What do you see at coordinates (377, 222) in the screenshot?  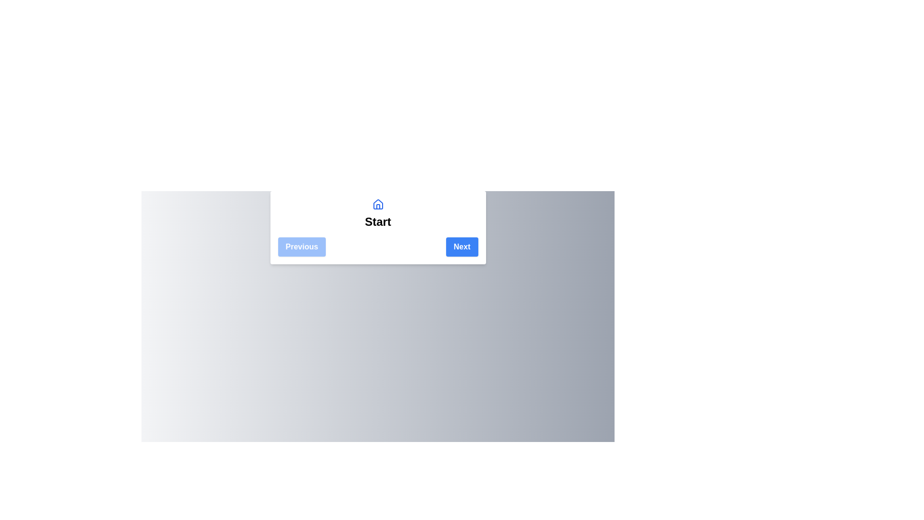 I see `the text label indicating the initiation of the associated section or process, located below a house icon in the columnar layout` at bounding box center [377, 222].